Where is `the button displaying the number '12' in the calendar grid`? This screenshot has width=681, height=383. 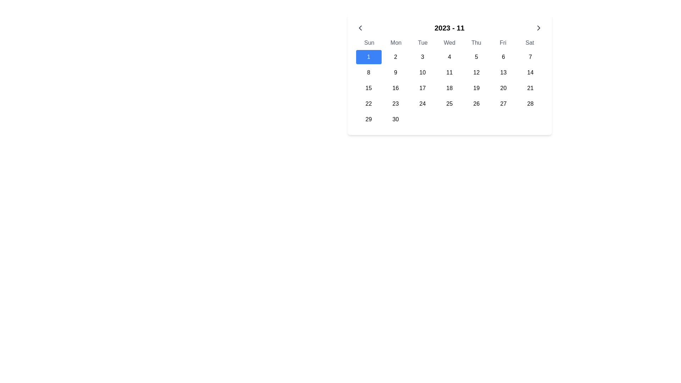 the button displaying the number '12' in the calendar grid is located at coordinates (476, 72).